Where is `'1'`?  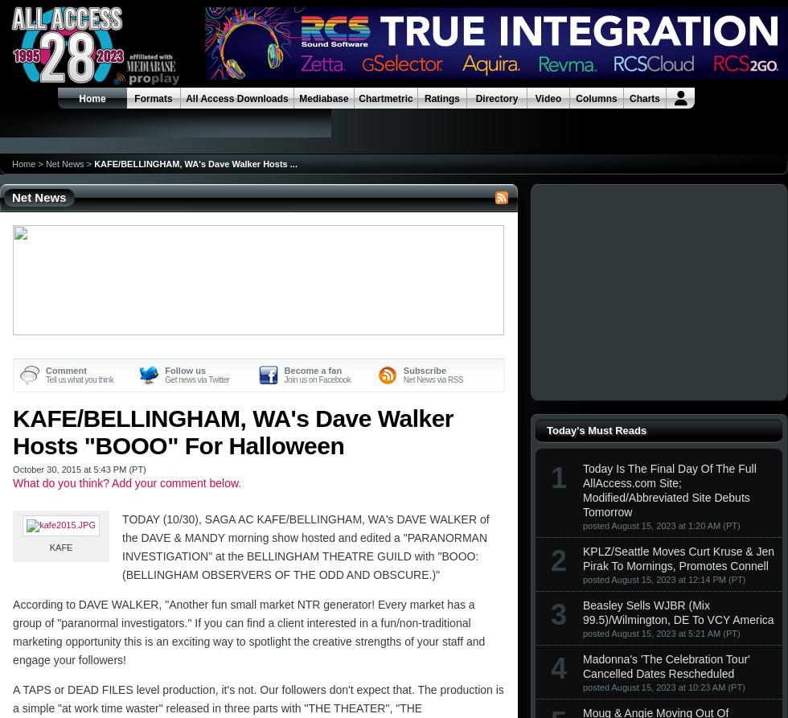 '1' is located at coordinates (558, 477).